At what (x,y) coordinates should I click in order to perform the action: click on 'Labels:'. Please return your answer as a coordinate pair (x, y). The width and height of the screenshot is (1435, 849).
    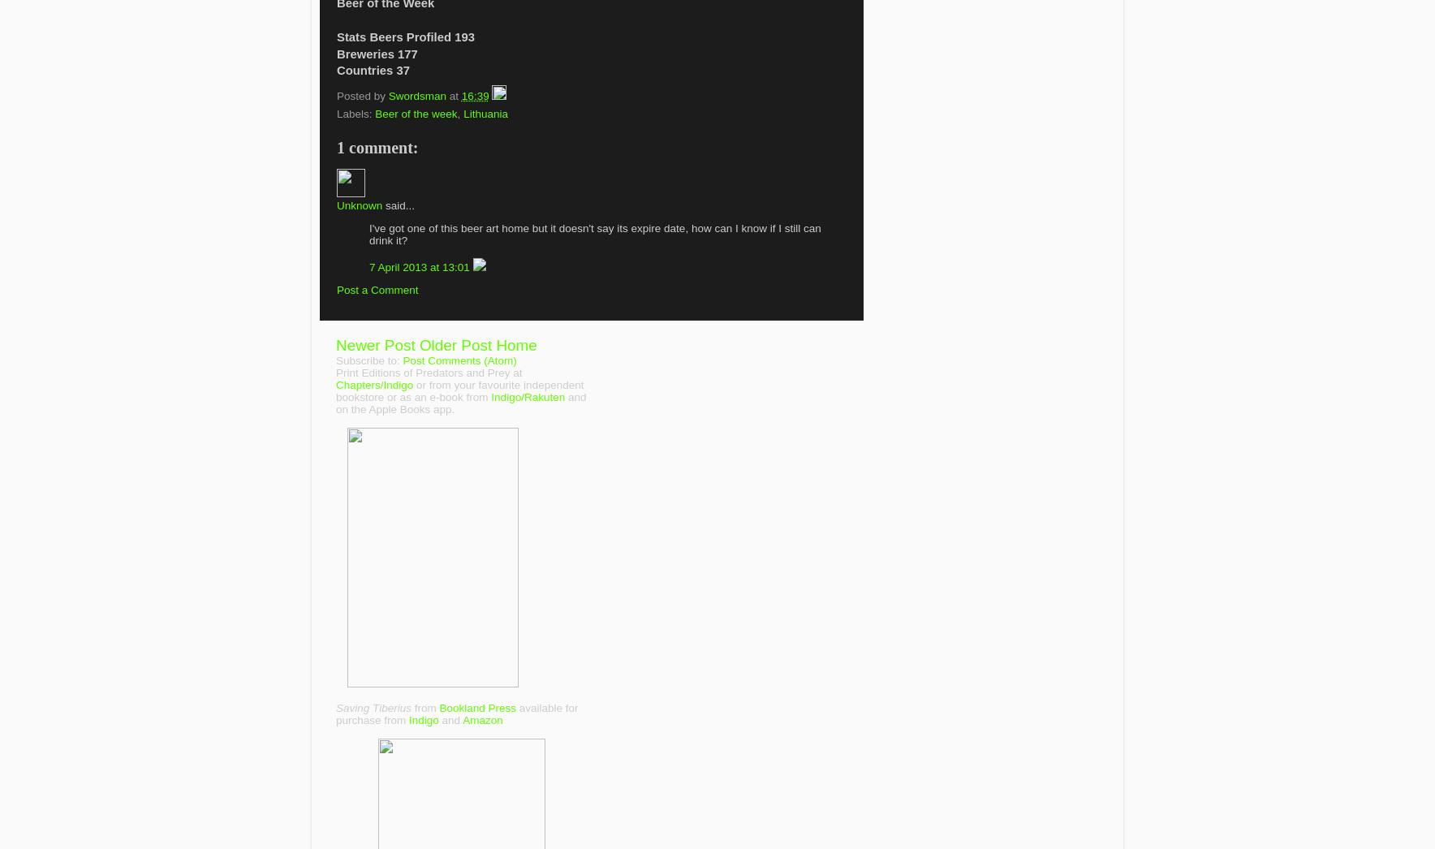
    Looking at the image, I should click on (356, 112).